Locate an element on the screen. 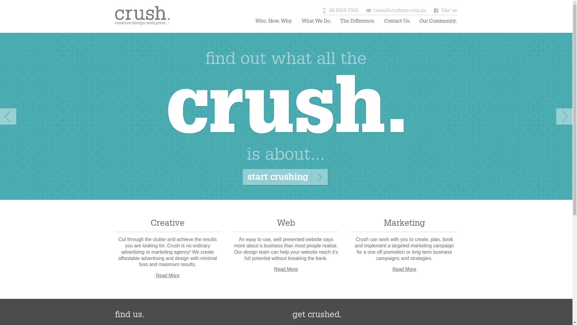  'Who. How. Why.' is located at coordinates (255, 21).